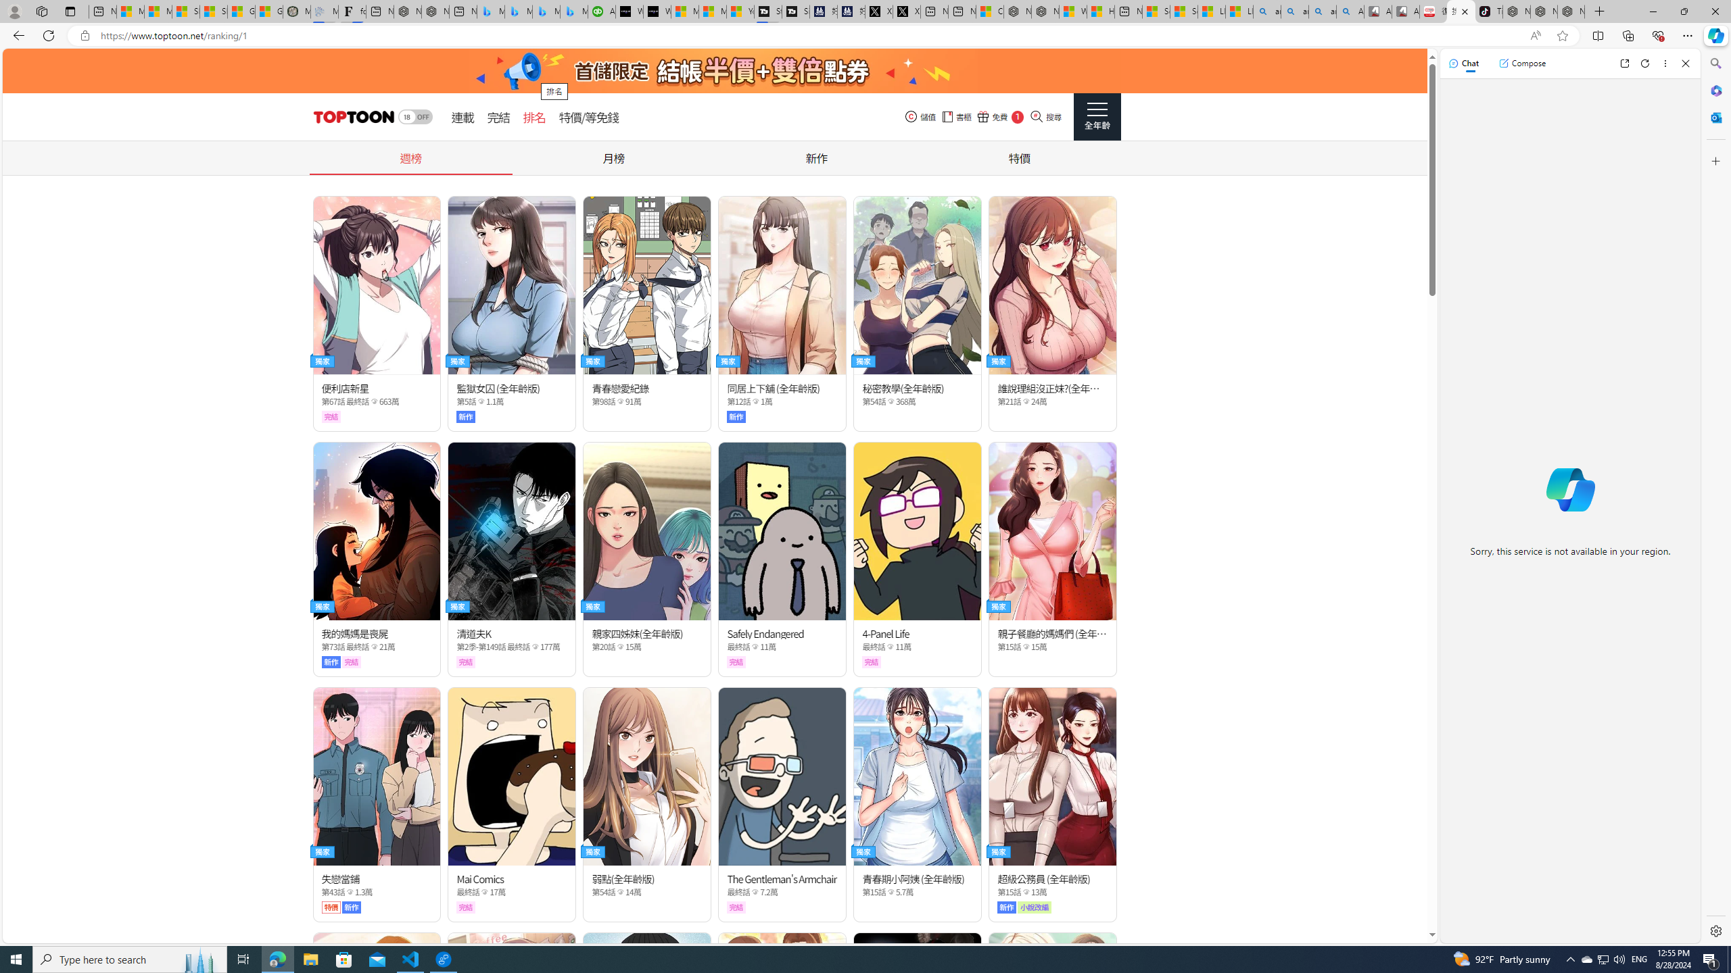 The image size is (1731, 973). What do you see at coordinates (1543, 11) in the screenshot?
I see `'Nordace Siena Pro 15 Backpack'` at bounding box center [1543, 11].